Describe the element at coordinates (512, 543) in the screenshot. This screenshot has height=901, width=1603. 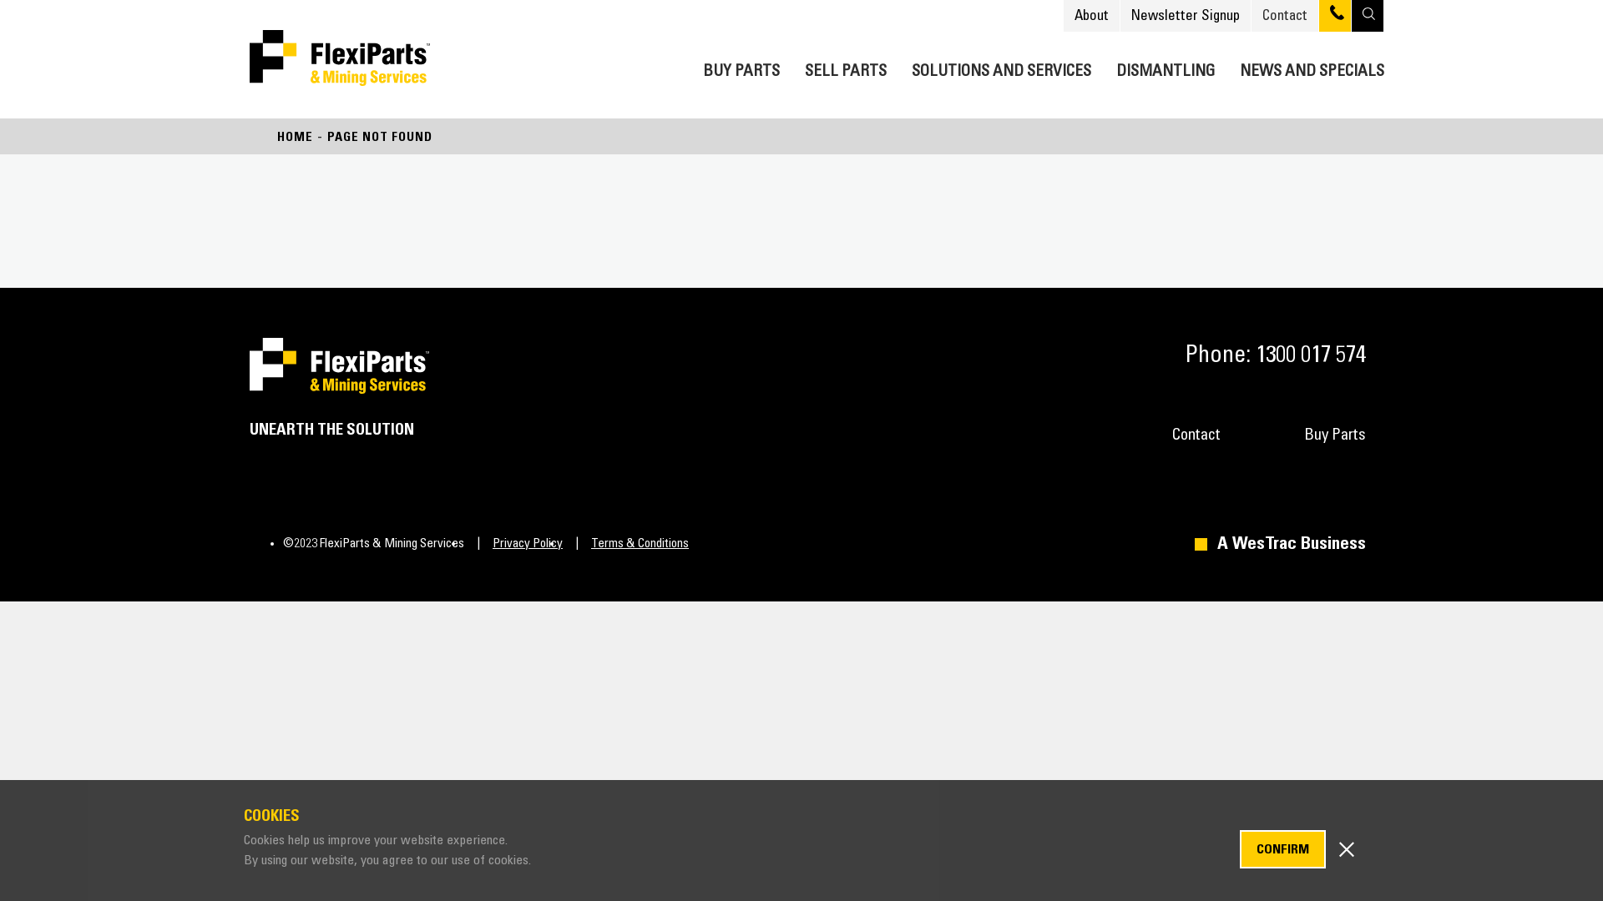
I see `'Privacy Policy'` at that location.